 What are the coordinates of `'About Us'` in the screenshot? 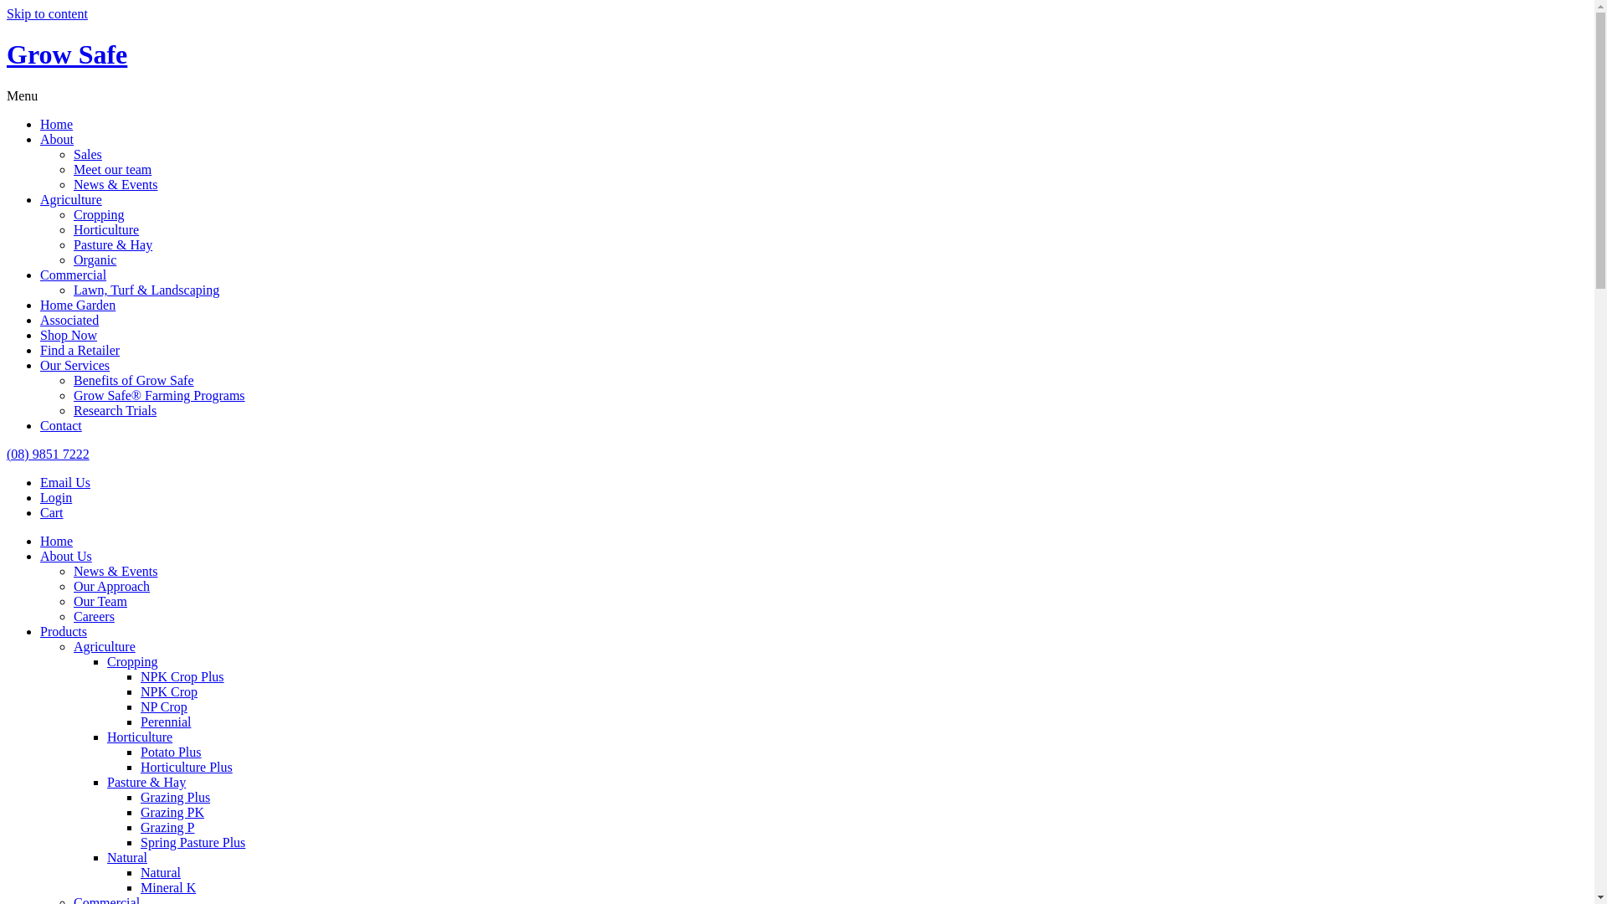 It's located at (65, 556).